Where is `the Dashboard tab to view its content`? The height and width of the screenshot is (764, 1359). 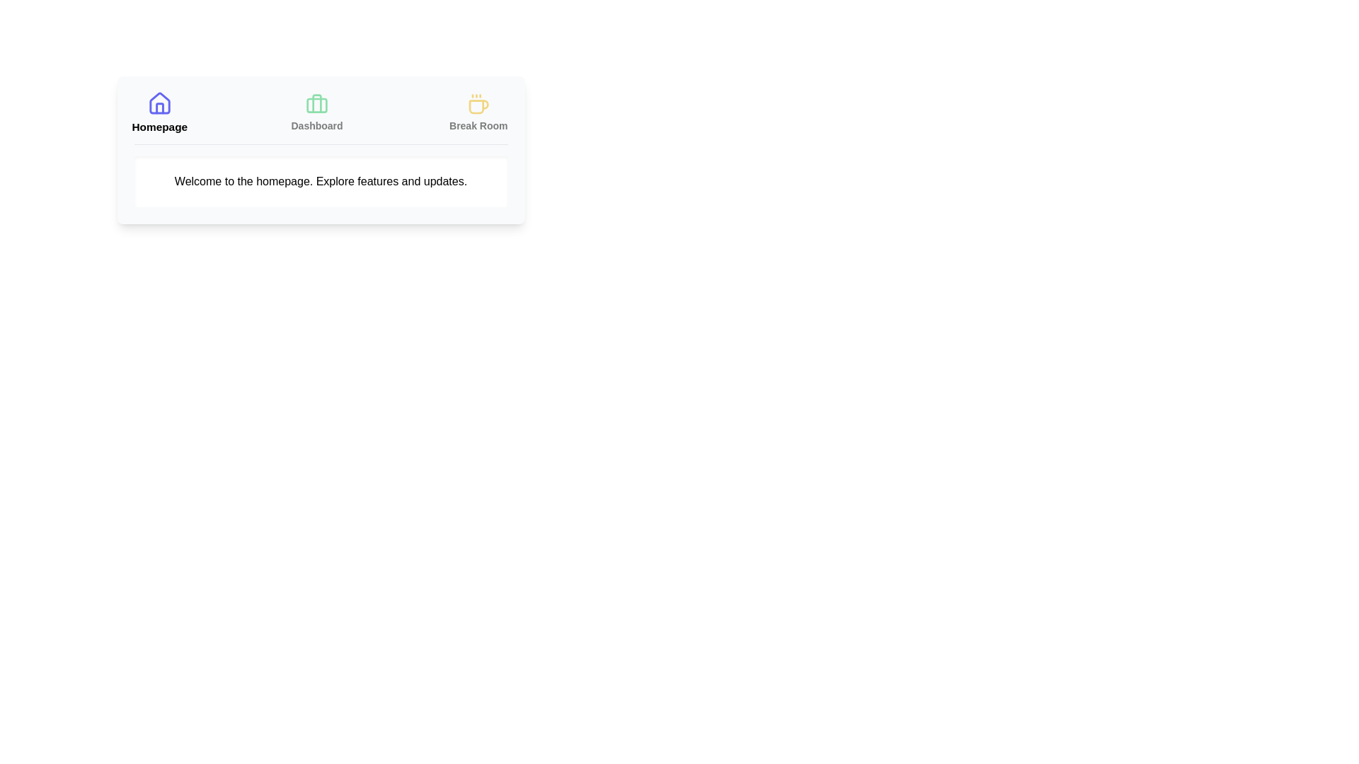 the Dashboard tab to view its content is located at coordinates (316, 112).